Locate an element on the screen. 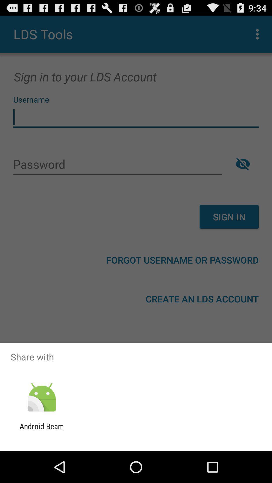  the android beam item is located at coordinates (42, 430).